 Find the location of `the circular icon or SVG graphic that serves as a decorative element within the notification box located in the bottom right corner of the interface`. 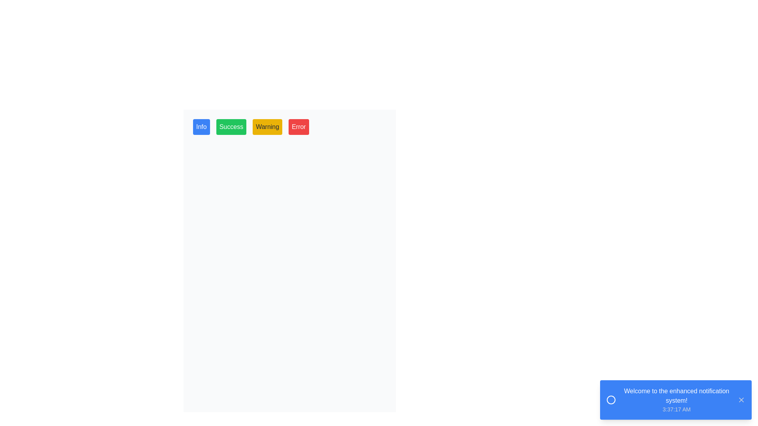

the circular icon or SVG graphic that serves as a decorative element within the notification box located in the bottom right corner of the interface is located at coordinates (611, 400).